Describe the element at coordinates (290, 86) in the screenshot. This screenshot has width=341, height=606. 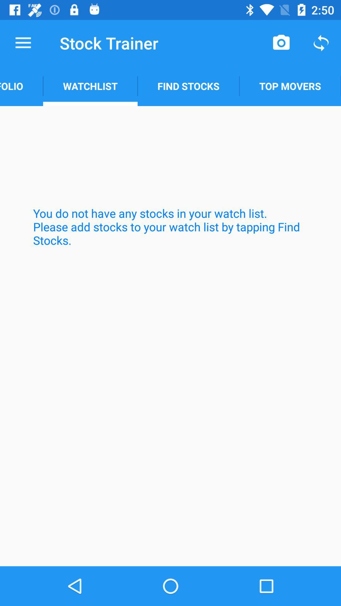
I see `the icon to the right of find stocks` at that location.